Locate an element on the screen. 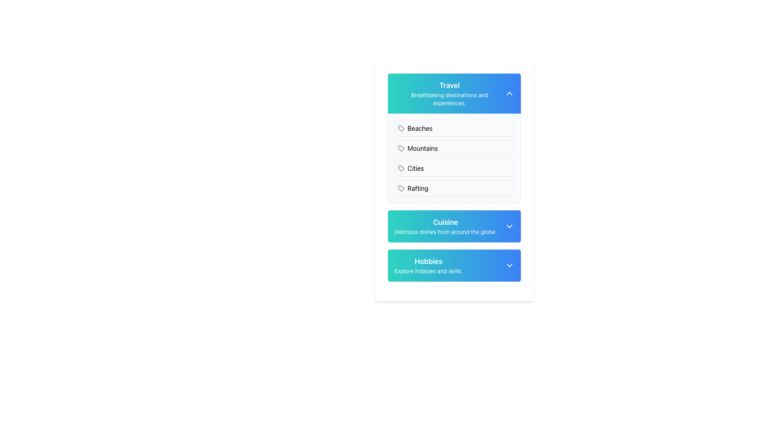 Image resolution: width=768 pixels, height=432 pixels. the 'Mountains' button located in the 'Travel' section is located at coordinates (454, 148).